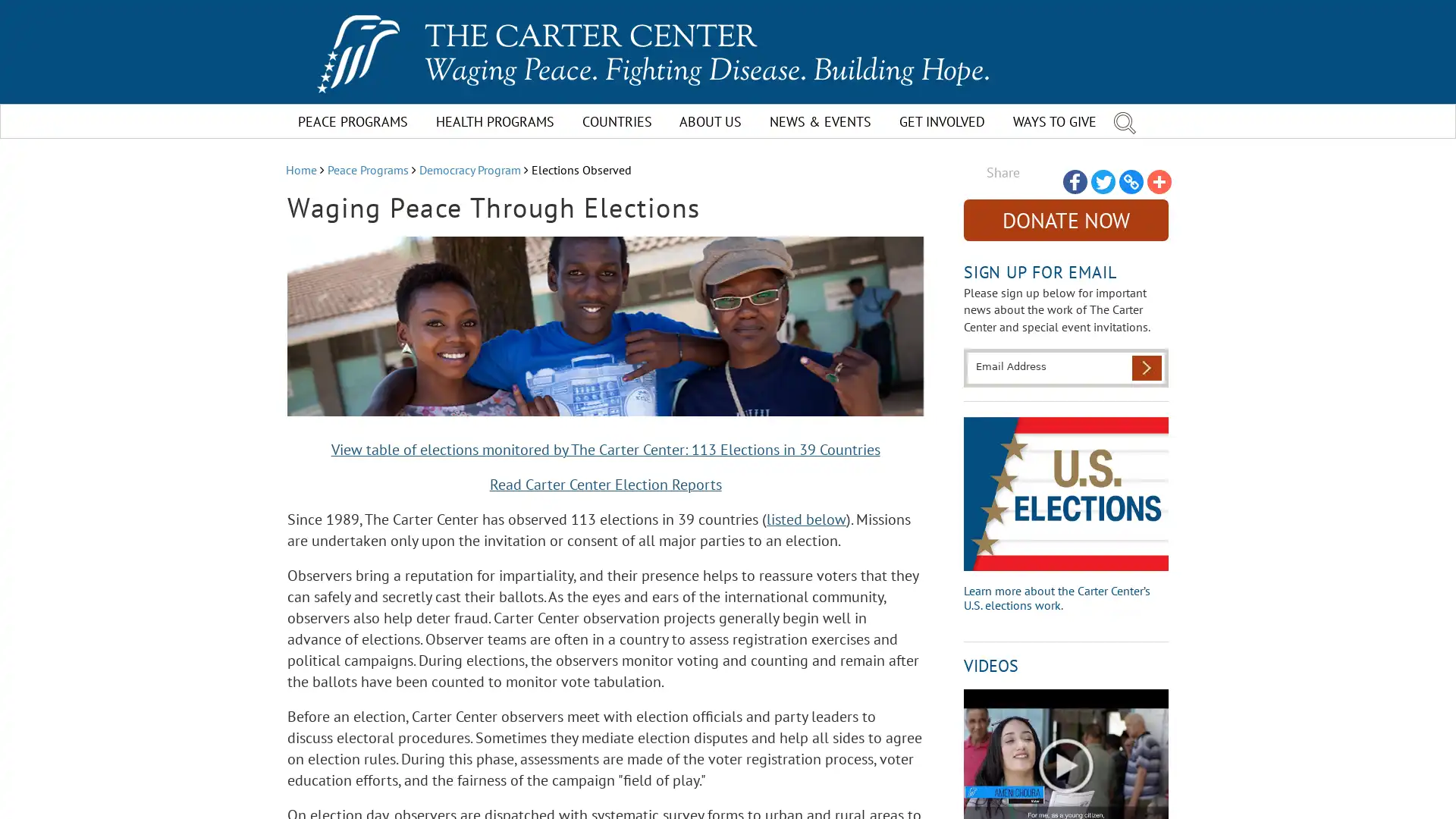  I want to click on Share to More, so click(1159, 180).